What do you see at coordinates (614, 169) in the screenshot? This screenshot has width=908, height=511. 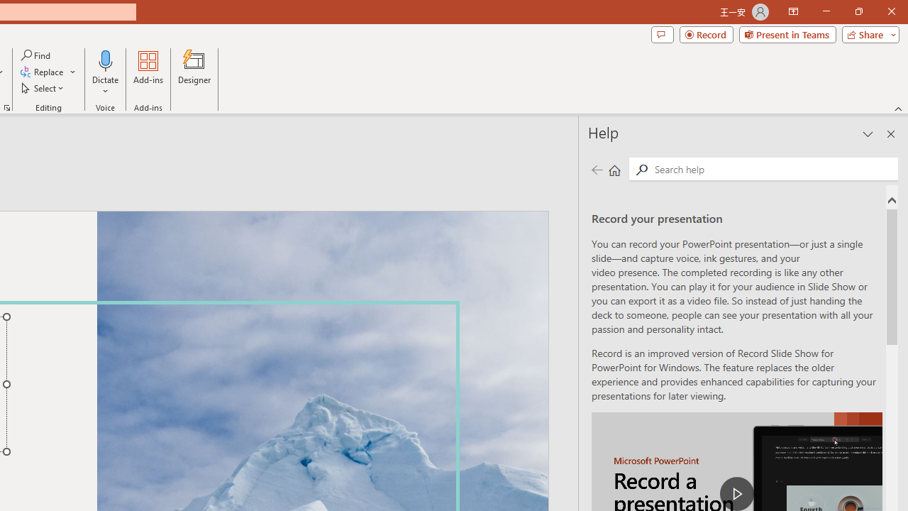 I see `'Home'` at bounding box center [614, 169].